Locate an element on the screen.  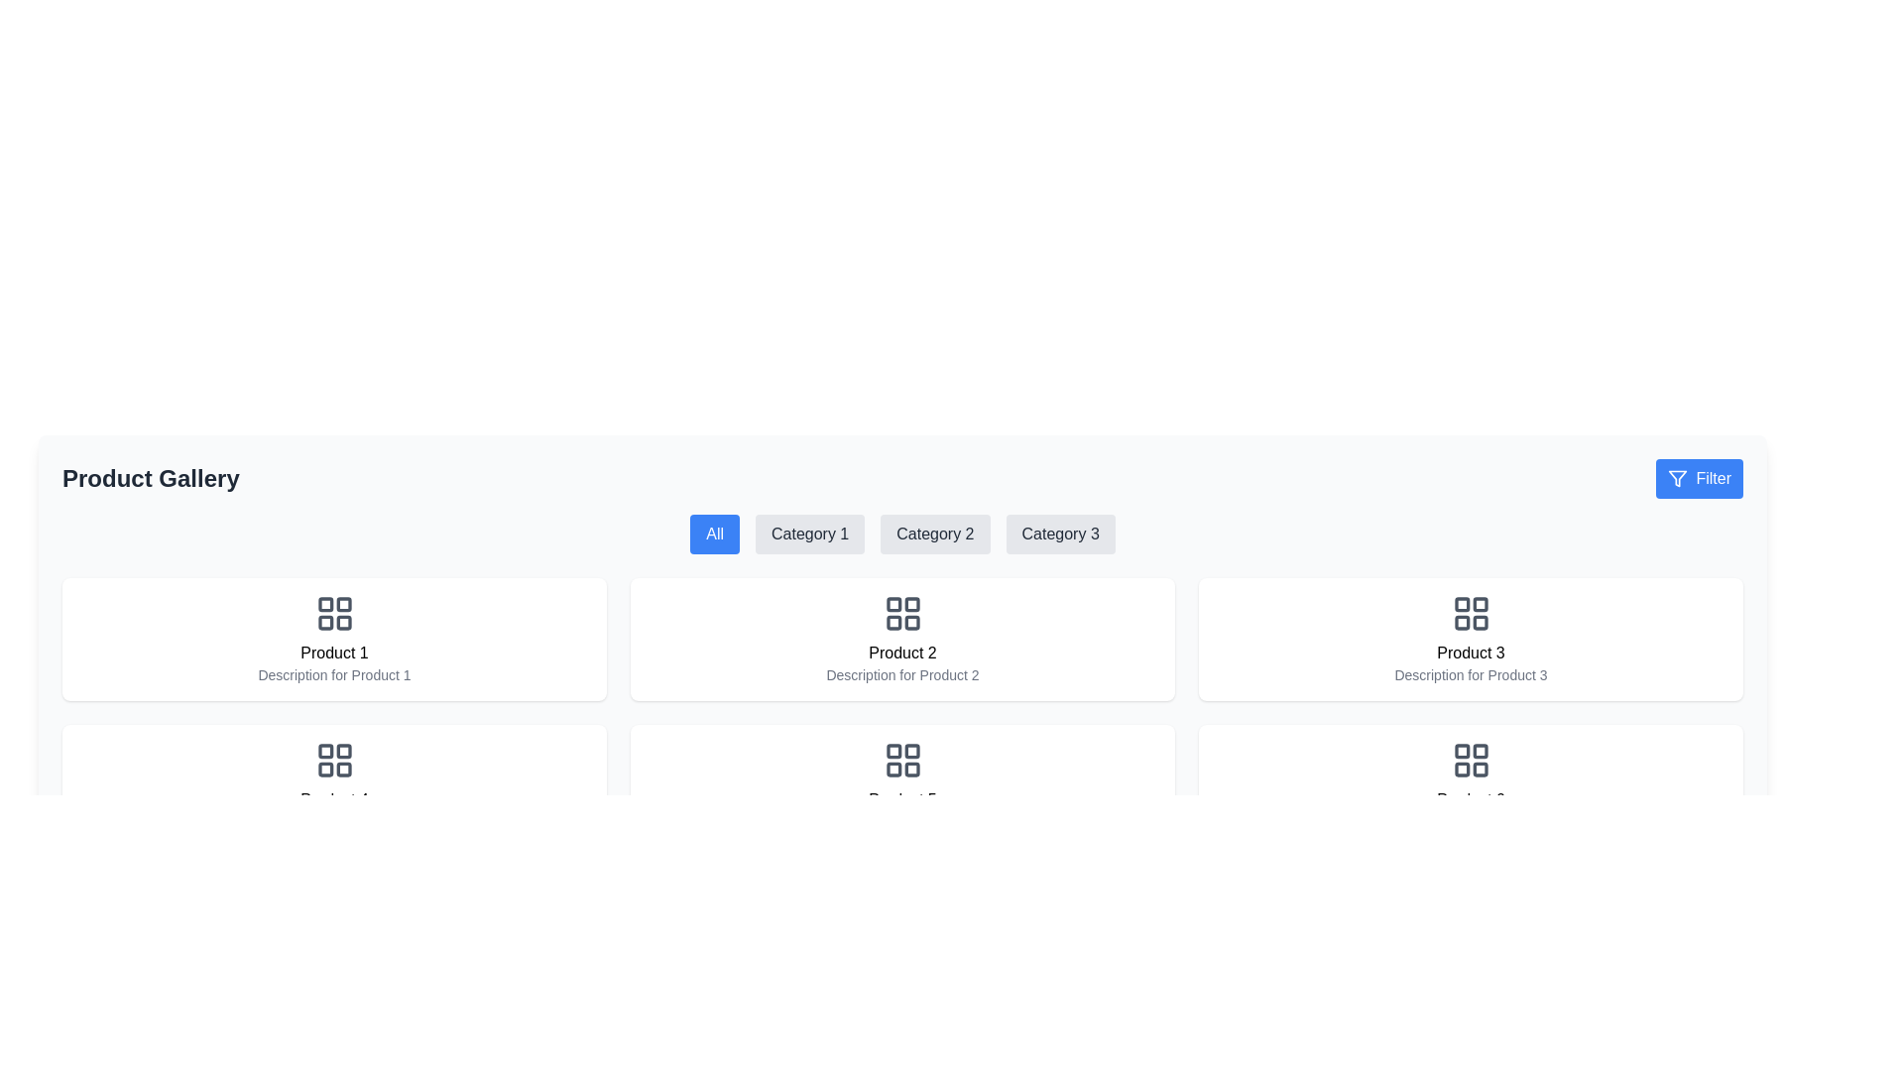
the 'Filter' icon located on the left side of the button labeled 'Filter' at the top right of the interface is located at coordinates (1677, 478).